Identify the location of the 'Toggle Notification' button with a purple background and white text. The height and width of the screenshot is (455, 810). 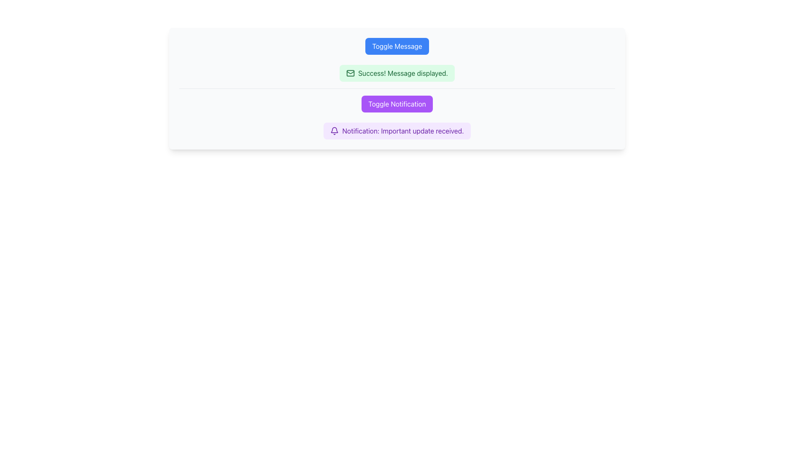
(397, 103).